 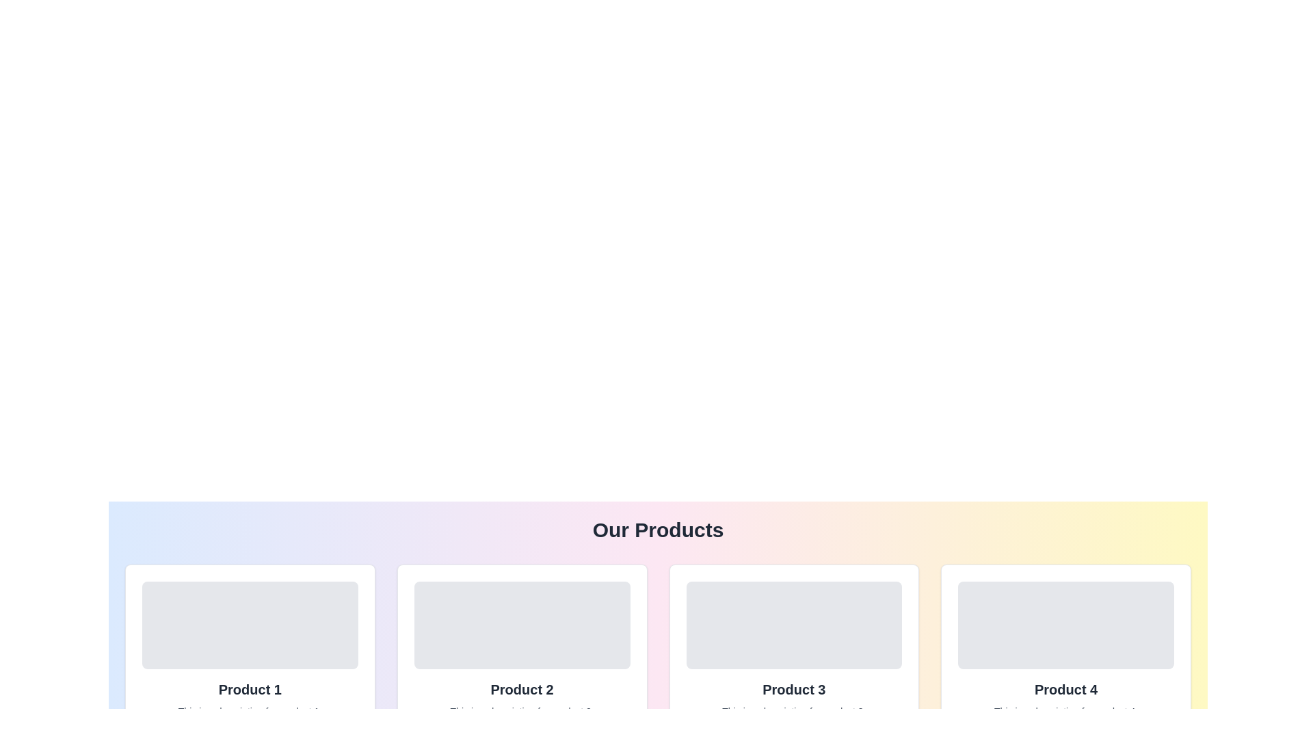 What do you see at coordinates (250, 689) in the screenshot?
I see `the bold text label reading 'Product 1', which is styled in dark gray and located below a rectangular gray placeholder image in the first product card` at bounding box center [250, 689].